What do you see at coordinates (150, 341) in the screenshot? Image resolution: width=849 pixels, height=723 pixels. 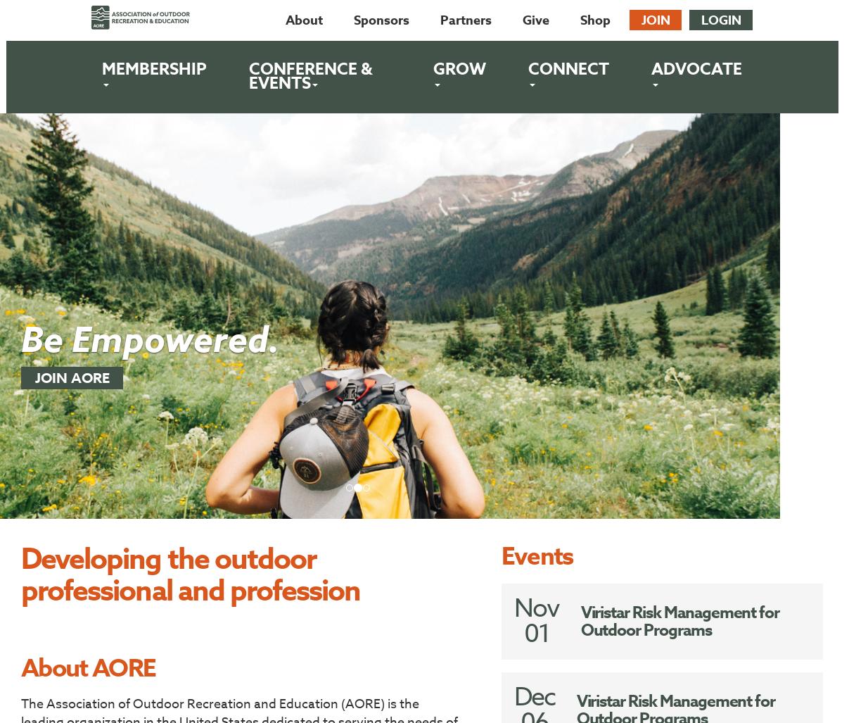 I see `'Be Empowered.'` at bounding box center [150, 341].